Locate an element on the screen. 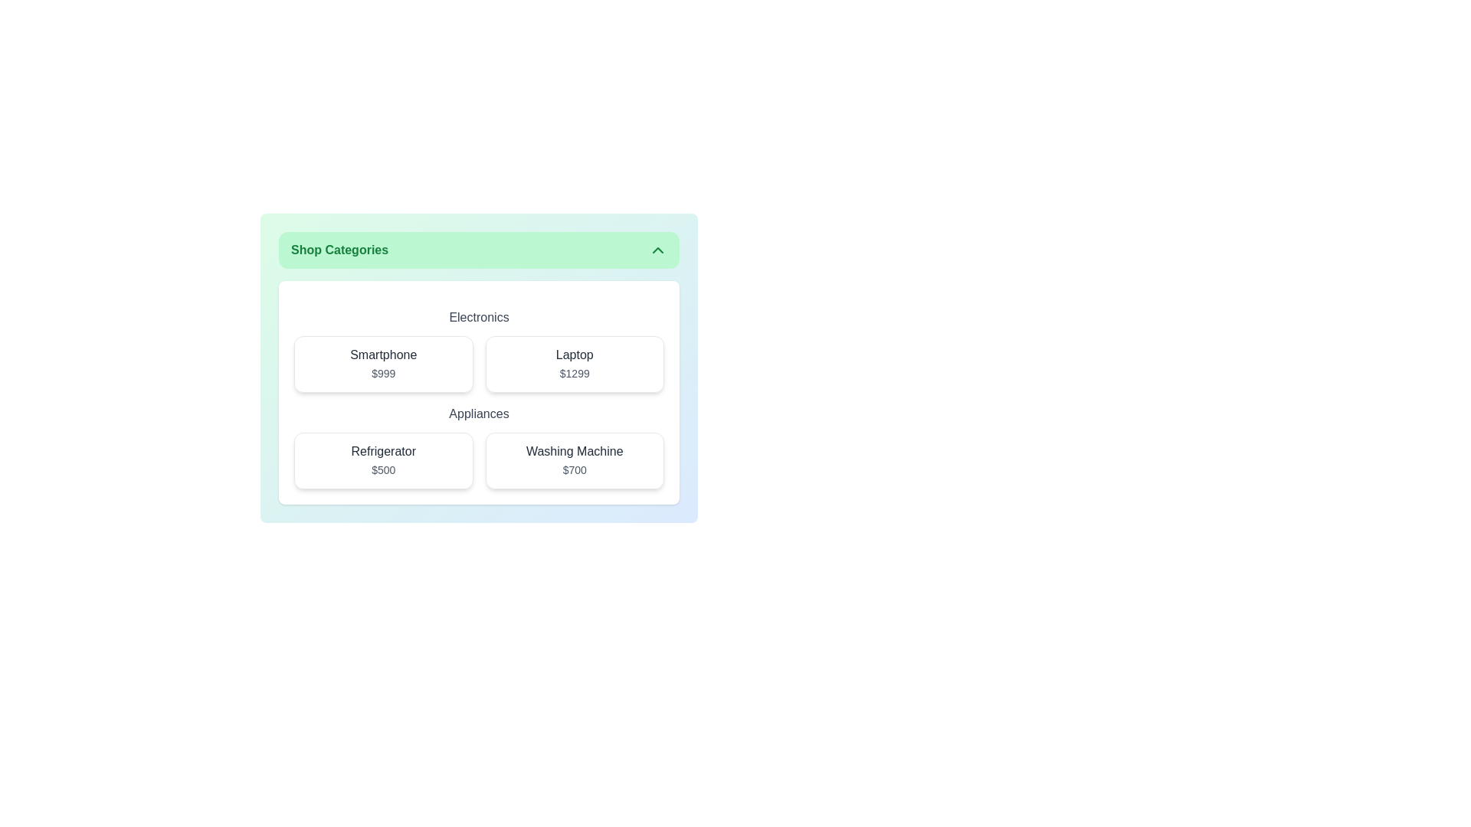 This screenshot has height=827, width=1471. the Static Text Label displaying the price '$1299' for accessibility purposes is located at coordinates (574, 374).